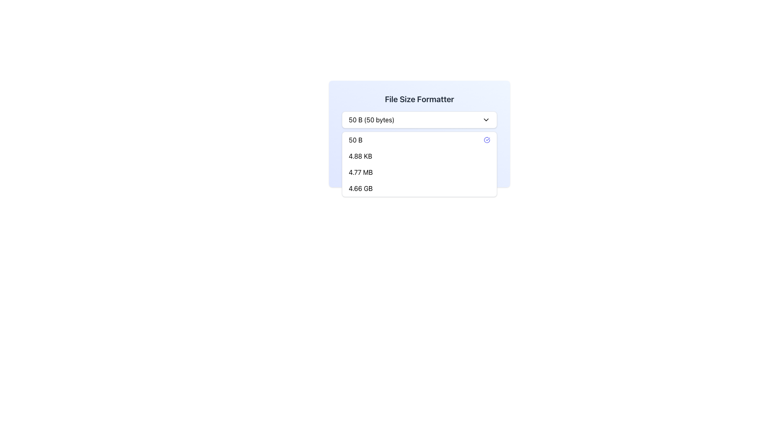  Describe the element at coordinates (419, 99) in the screenshot. I see `the text label that displays 'File Size Formatter', which is styled in bold, dark gray font and serves as a section header in a gradient background` at that location.